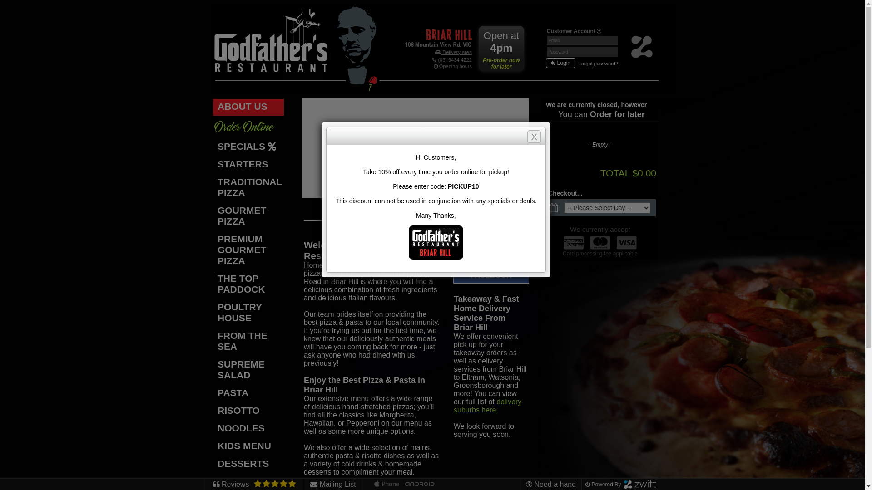 The height and width of the screenshot is (490, 872). Describe the element at coordinates (626, 242) in the screenshot. I see `'Visa'` at that location.